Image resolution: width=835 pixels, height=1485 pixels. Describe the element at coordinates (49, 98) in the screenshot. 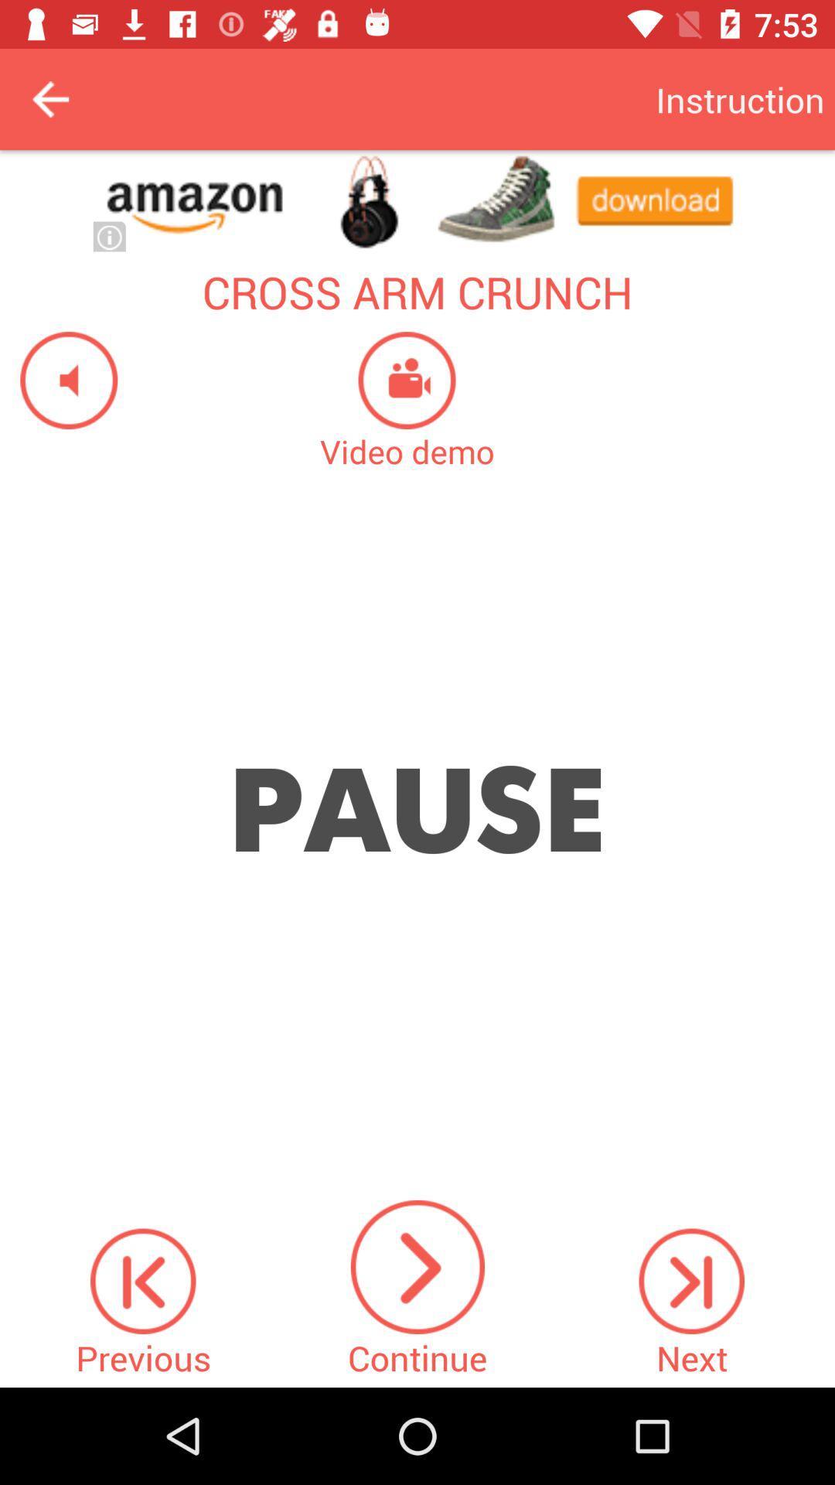

I see `back button` at that location.